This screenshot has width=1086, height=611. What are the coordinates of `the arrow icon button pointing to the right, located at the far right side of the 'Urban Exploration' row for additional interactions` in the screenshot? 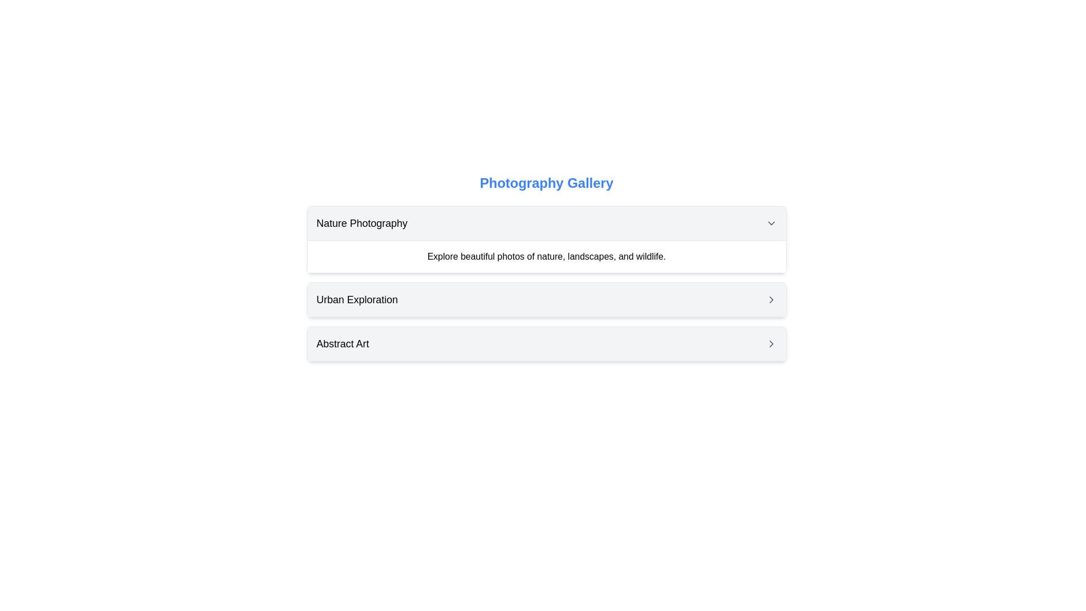 It's located at (770, 299).